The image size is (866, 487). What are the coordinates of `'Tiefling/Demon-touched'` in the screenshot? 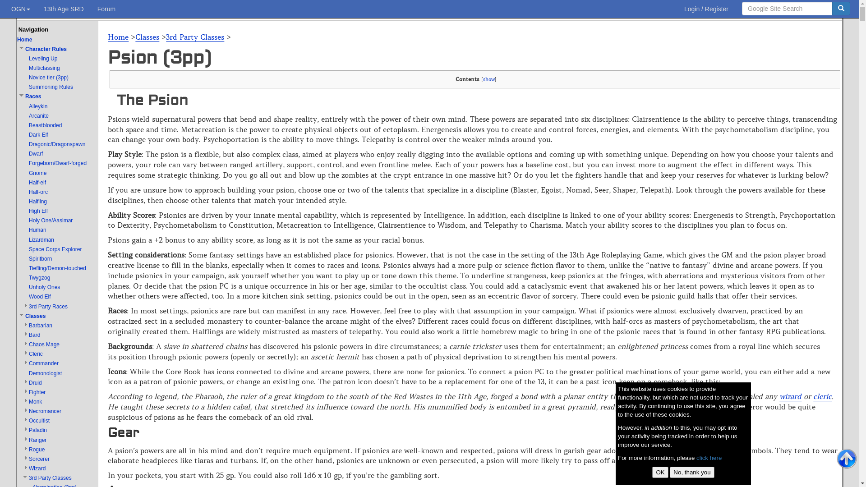 It's located at (57, 267).